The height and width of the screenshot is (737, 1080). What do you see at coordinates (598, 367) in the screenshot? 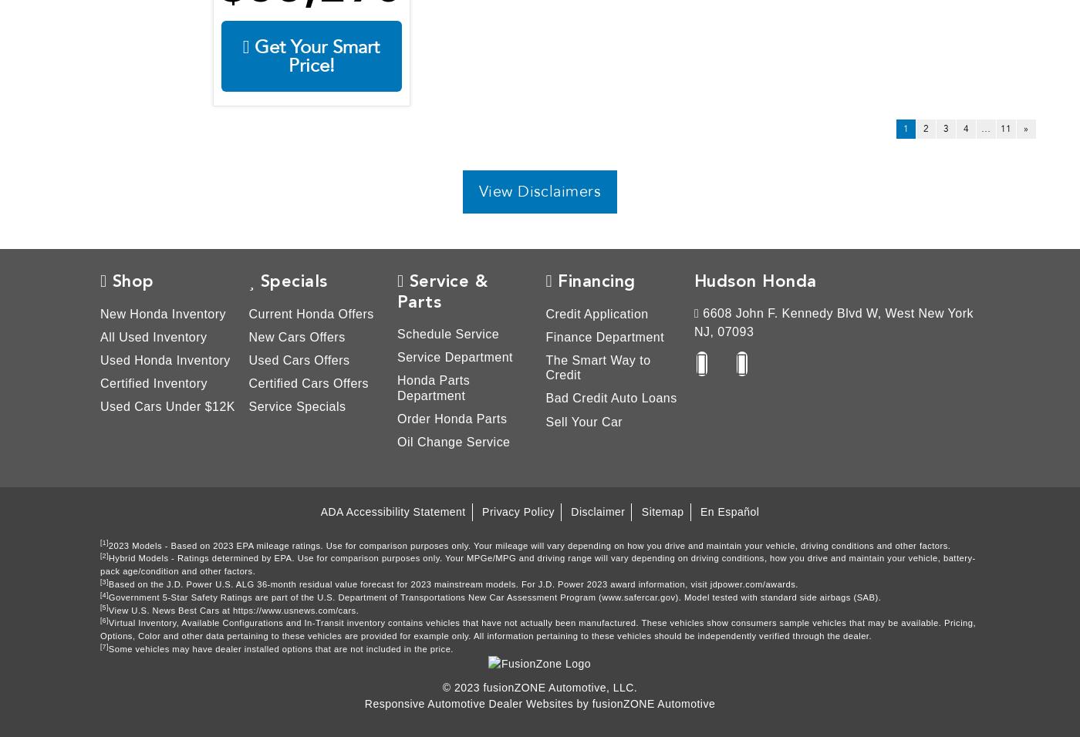
I see `'The Smart Way to Credit'` at bounding box center [598, 367].